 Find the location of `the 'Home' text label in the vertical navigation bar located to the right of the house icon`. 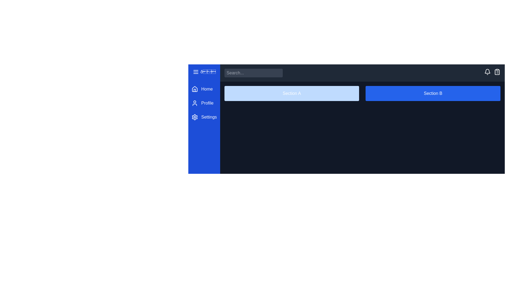

the 'Home' text label in the vertical navigation bar located to the right of the house icon is located at coordinates (207, 89).